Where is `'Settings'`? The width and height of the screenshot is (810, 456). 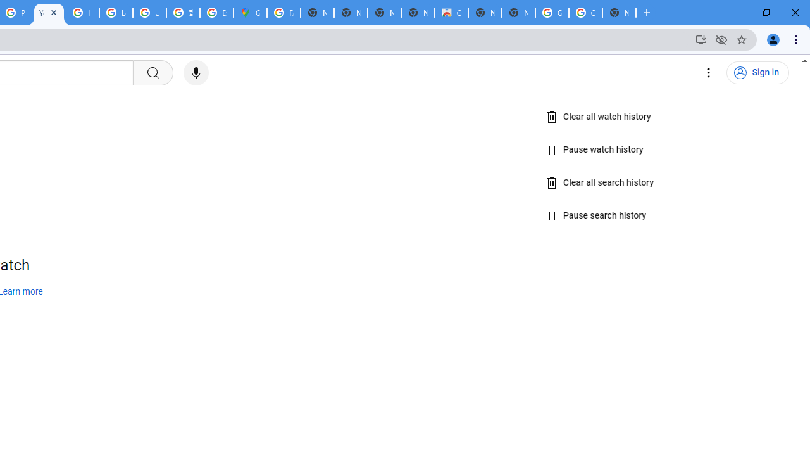 'Settings' is located at coordinates (709, 73).